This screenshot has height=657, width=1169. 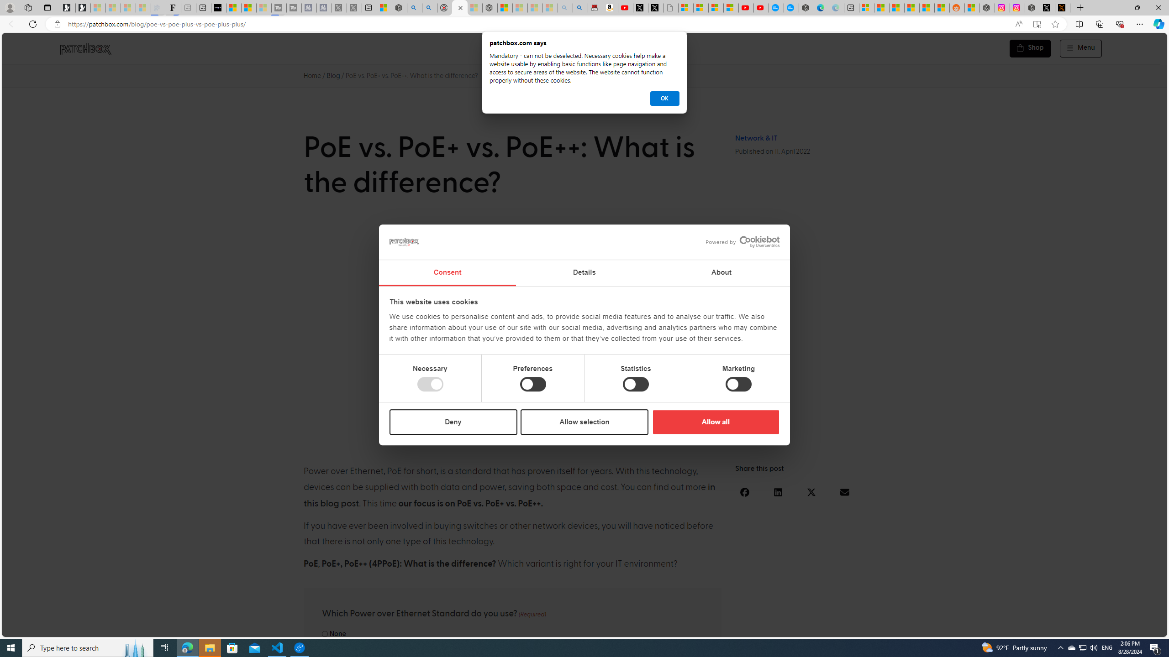 I want to click on 'OK', so click(x=664, y=98).